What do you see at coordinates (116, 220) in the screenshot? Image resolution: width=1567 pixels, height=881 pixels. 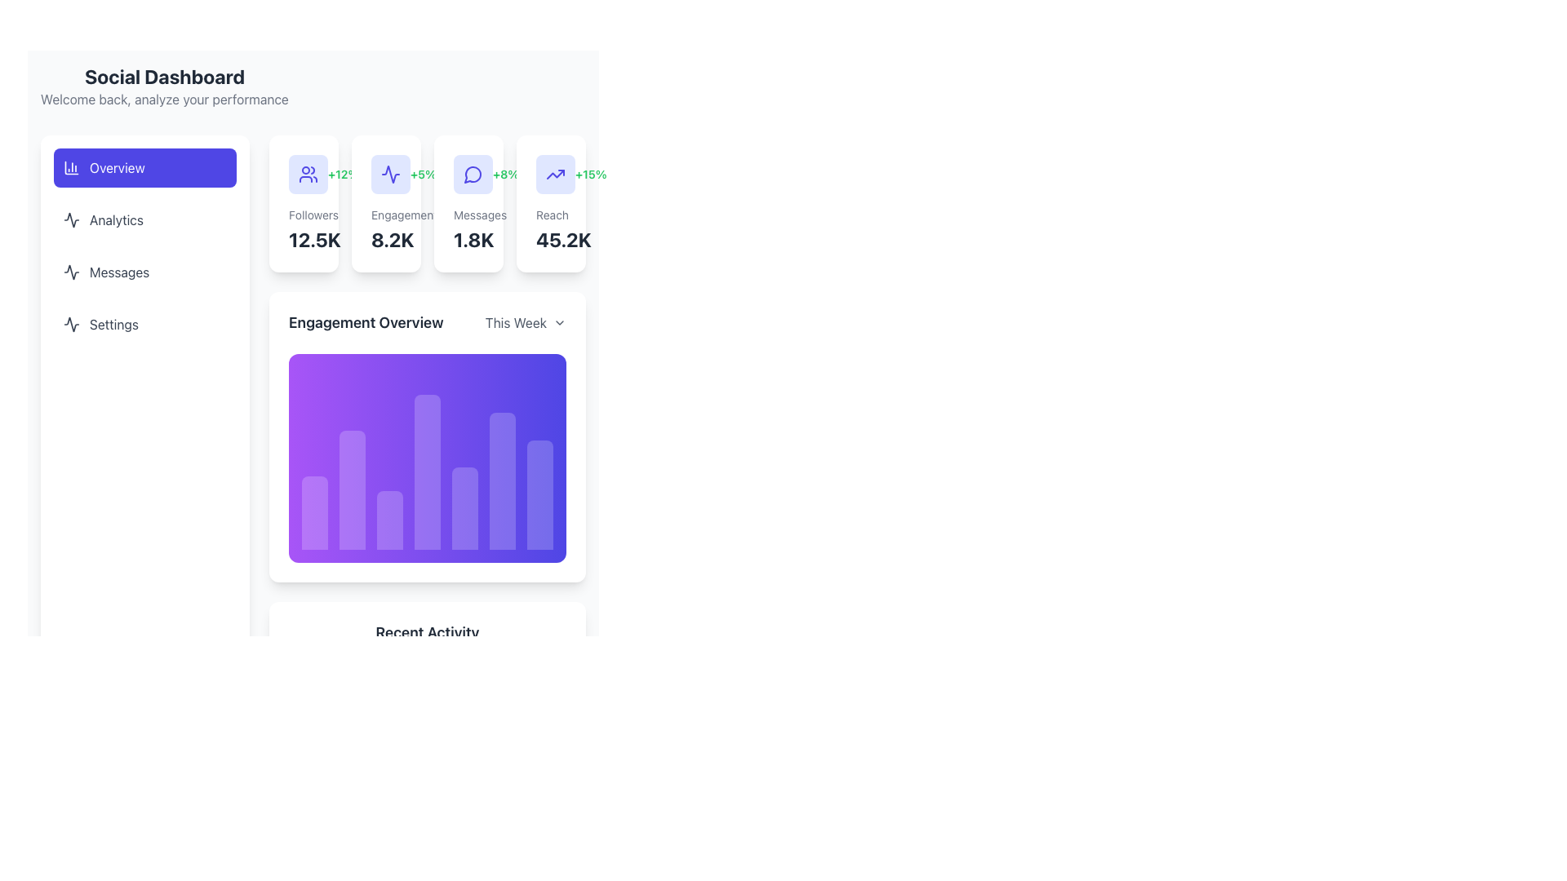 I see `the 'Analytics' text label in the left navigation menu` at bounding box center [116, 220].